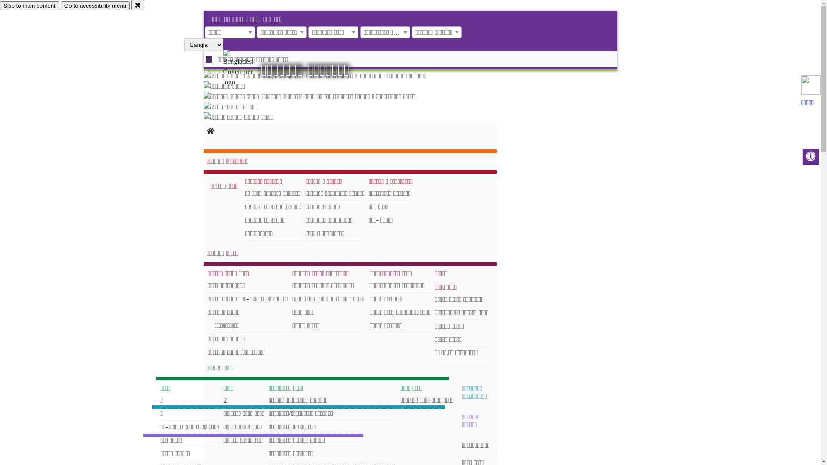  I want to click on 'Go to accessibility menu', so click(95, 6).